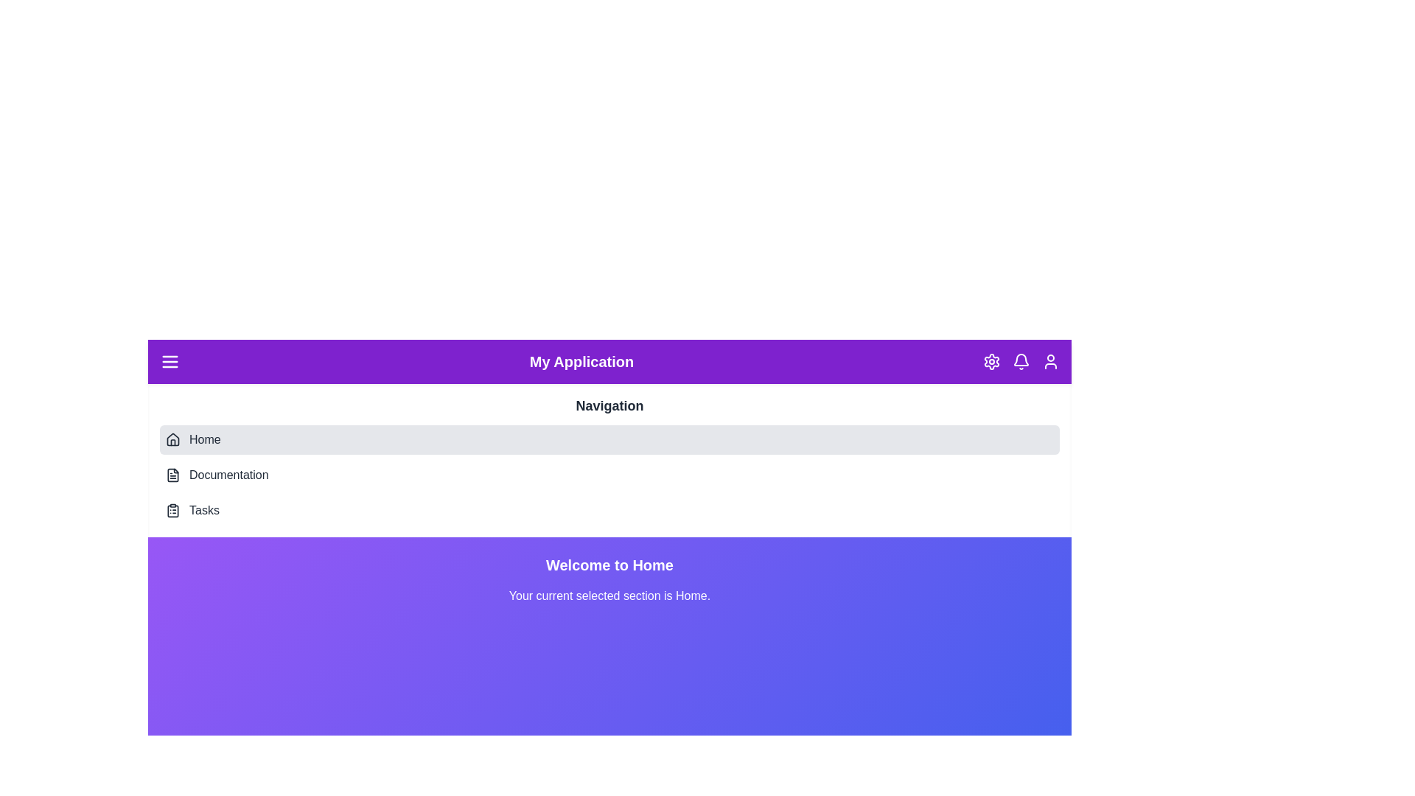  I want to click on the Settings icon in the header, so click(991, 361).